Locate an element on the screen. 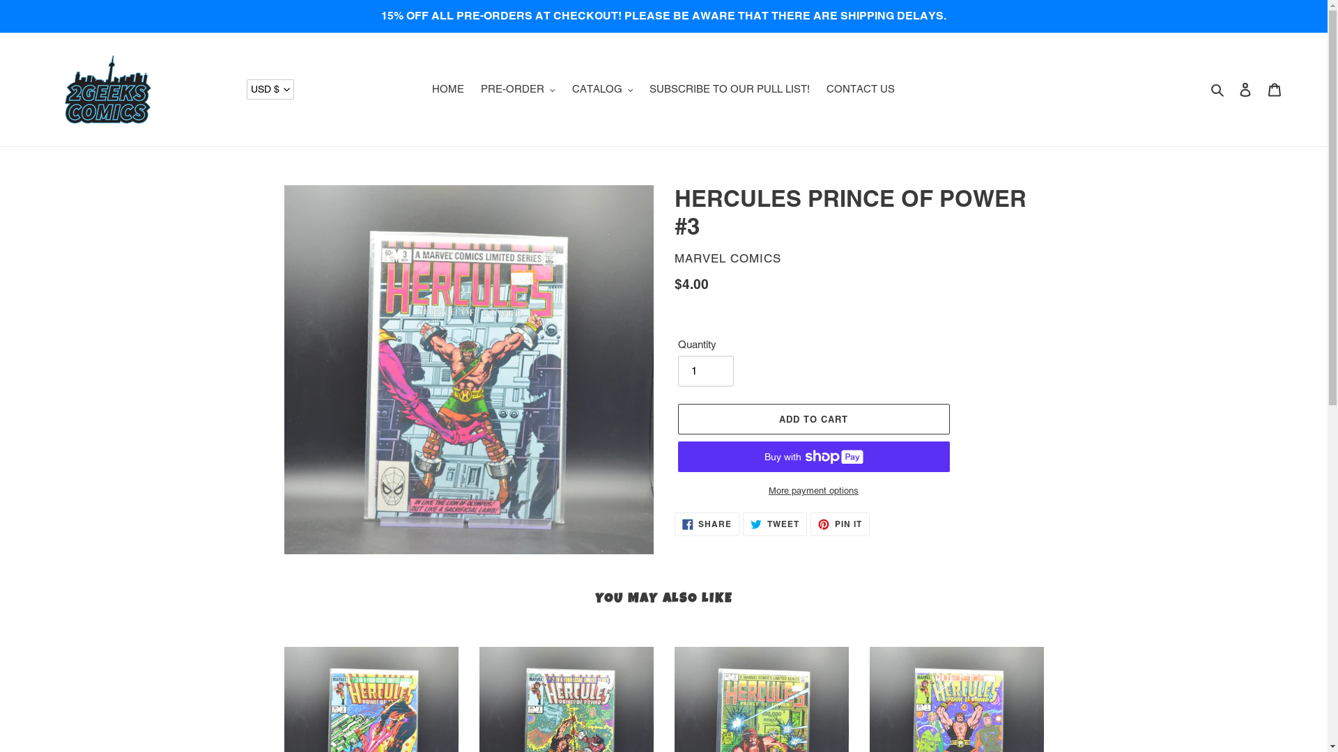 Image resolution: width=1338 pixels, height=752 pixels. 'SHARE is located at coordinates (707, 524).